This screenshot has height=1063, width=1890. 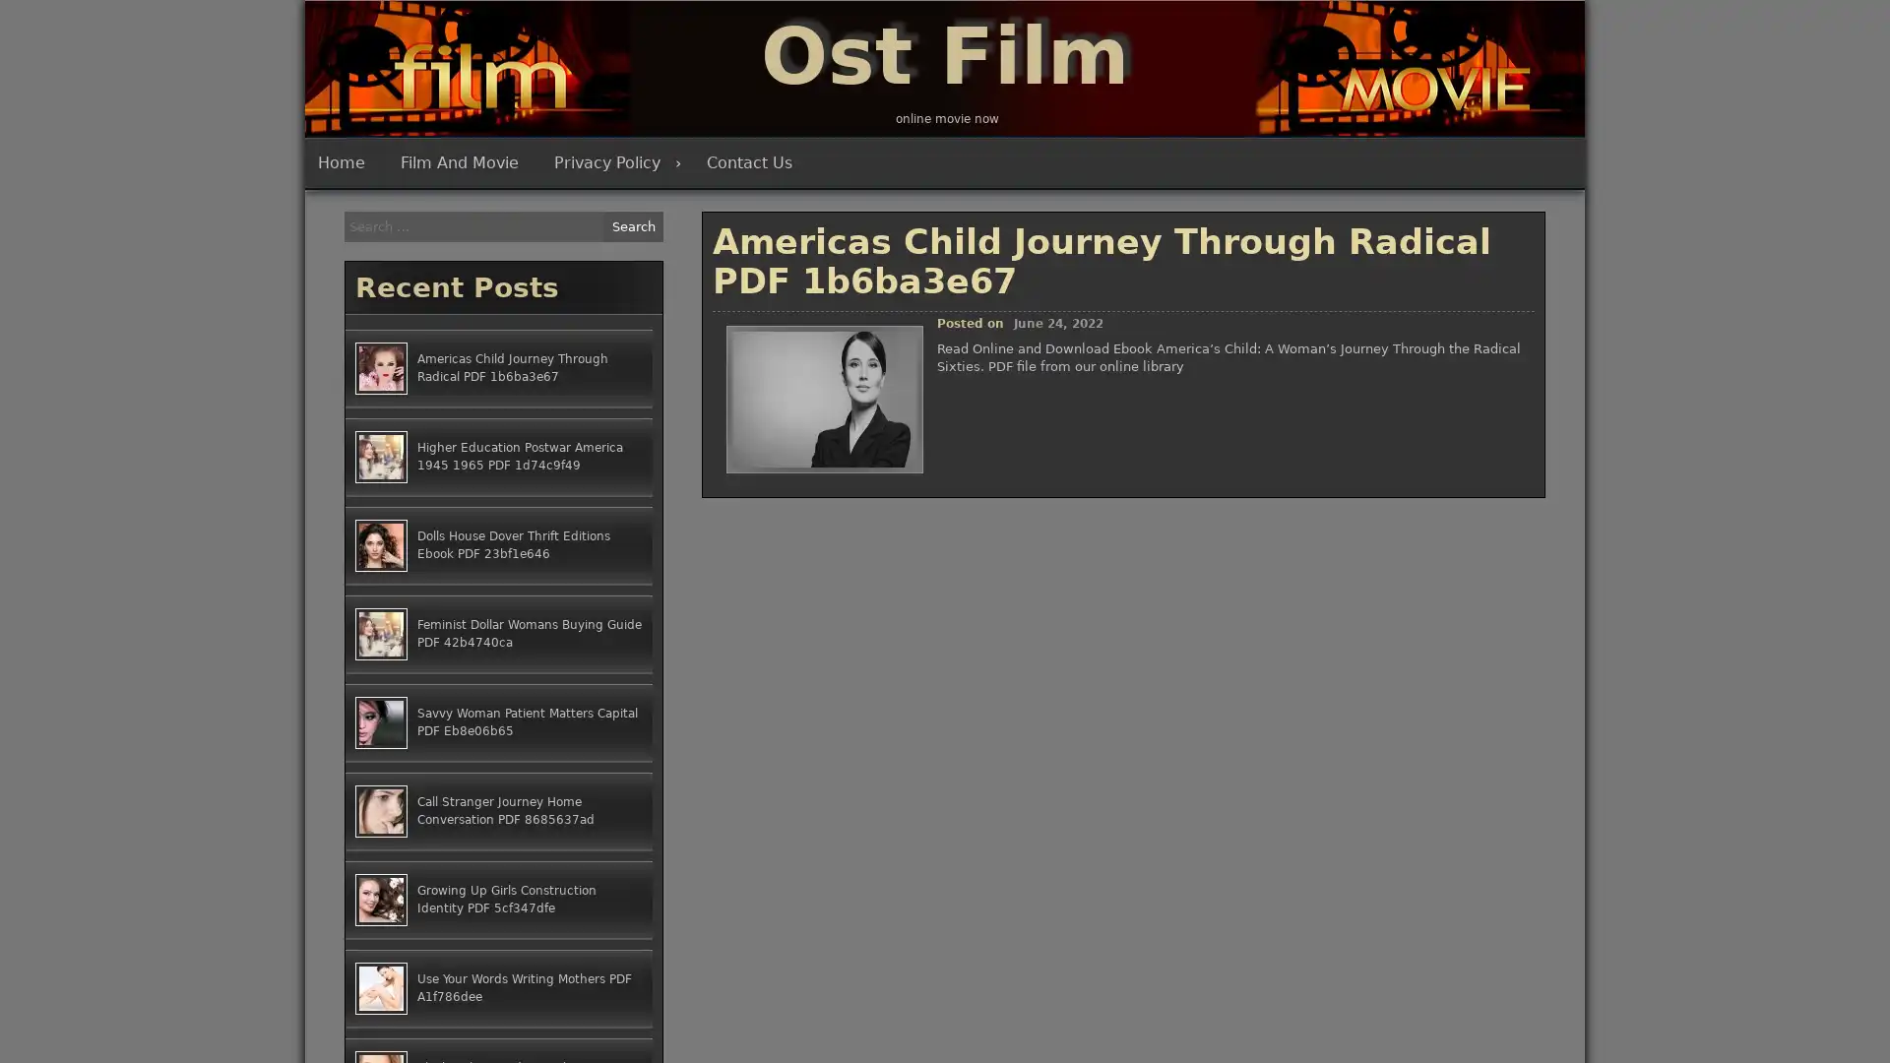 What do you see at coordinates (633, 225) in the screenshot?
I see `Search` at bounding box center [633, 225].